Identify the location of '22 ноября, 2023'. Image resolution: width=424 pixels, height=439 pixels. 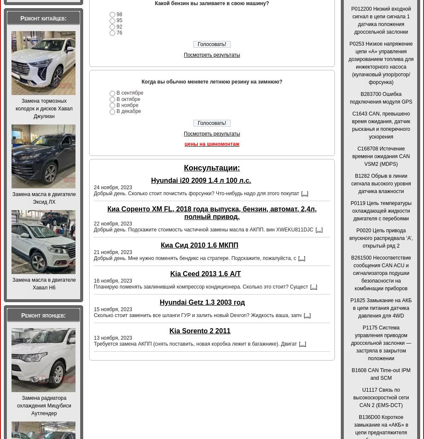
(93, 223).